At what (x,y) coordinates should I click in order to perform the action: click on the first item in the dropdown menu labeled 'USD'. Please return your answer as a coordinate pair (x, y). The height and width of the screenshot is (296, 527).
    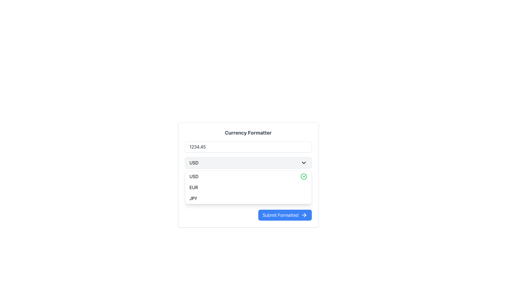
    Looking at the image, I should click on (248, 177).